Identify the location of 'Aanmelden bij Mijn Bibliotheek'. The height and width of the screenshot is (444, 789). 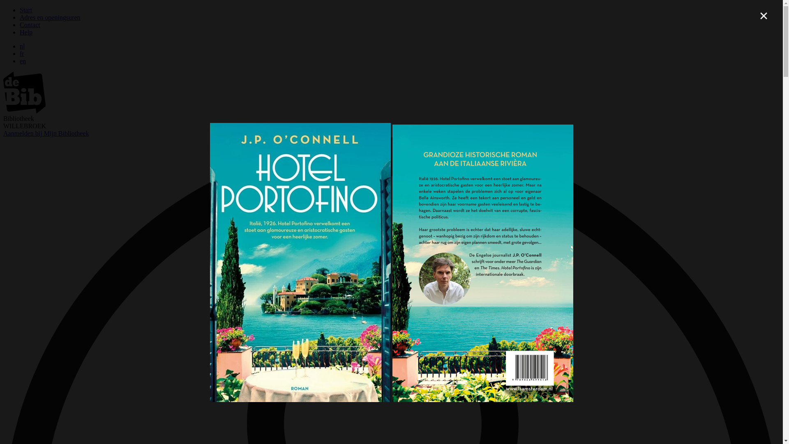
(45, 133).